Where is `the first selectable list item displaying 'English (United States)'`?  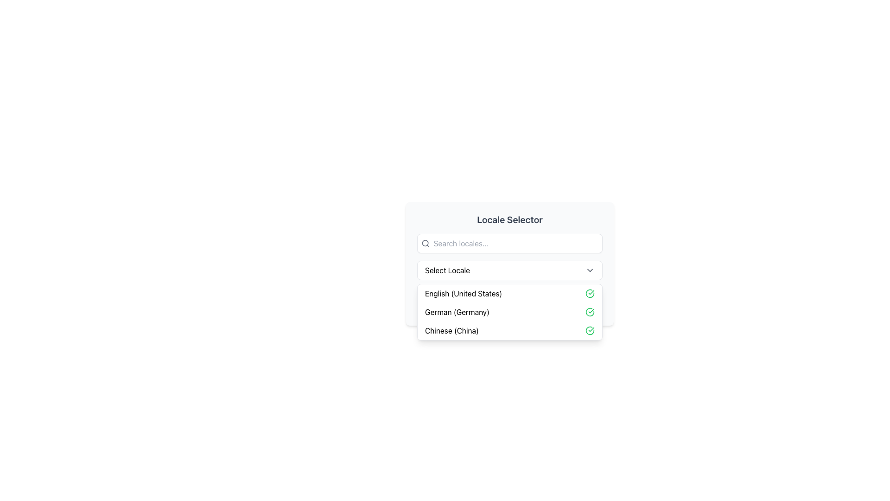 the first selectable list item displaying 'English (United States)' is located at coordinates (509, 293).